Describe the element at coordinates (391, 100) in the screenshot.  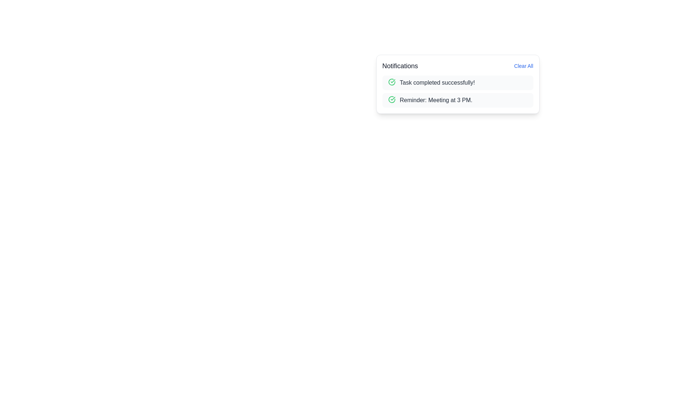
I see `the circular green checkmark icon located to the left of the text 'Reminder: Meeting at 3 PM.'` at that location.